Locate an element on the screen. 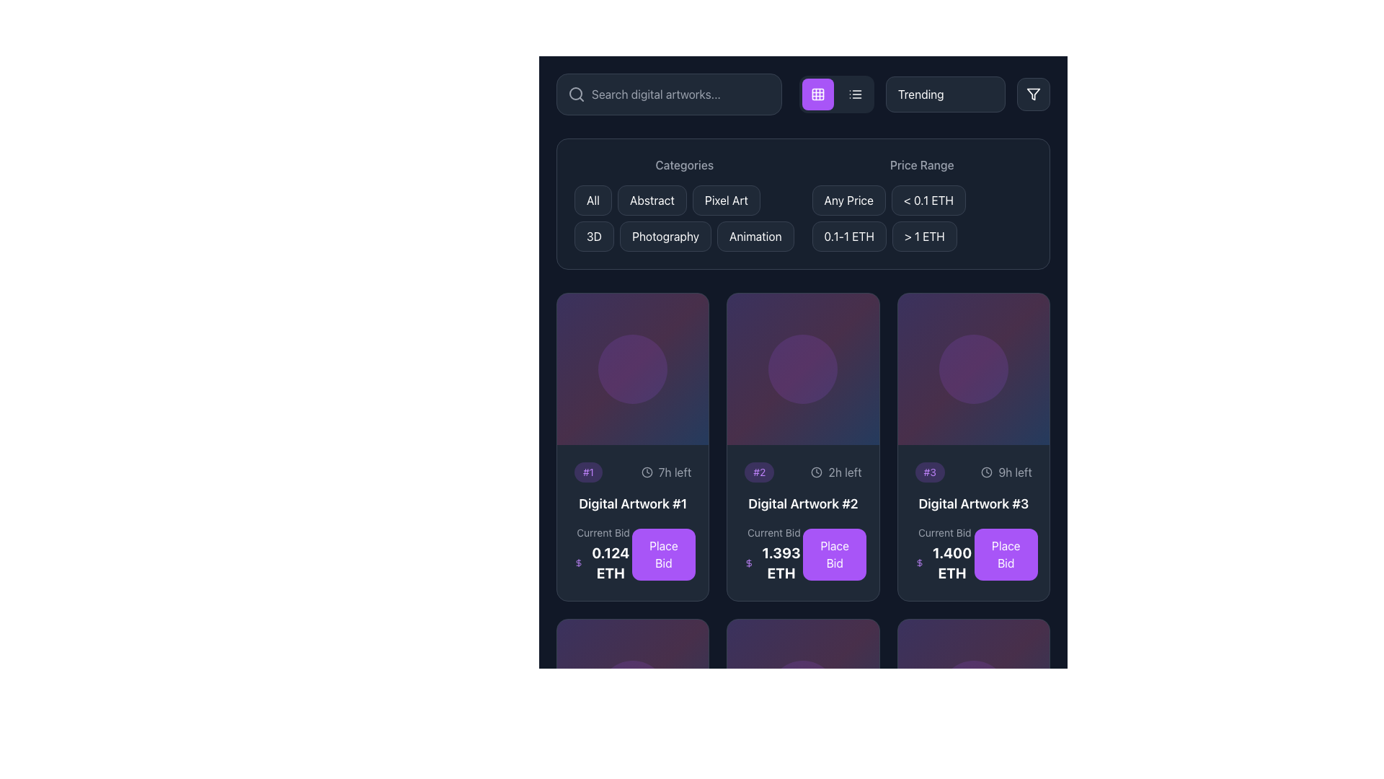 This screenshot has height=779, width=1384. the text label displaying 'Digital Artwork #2', which is located within the second card of a grid layout, under the header area is located at coordinates (802, 503).